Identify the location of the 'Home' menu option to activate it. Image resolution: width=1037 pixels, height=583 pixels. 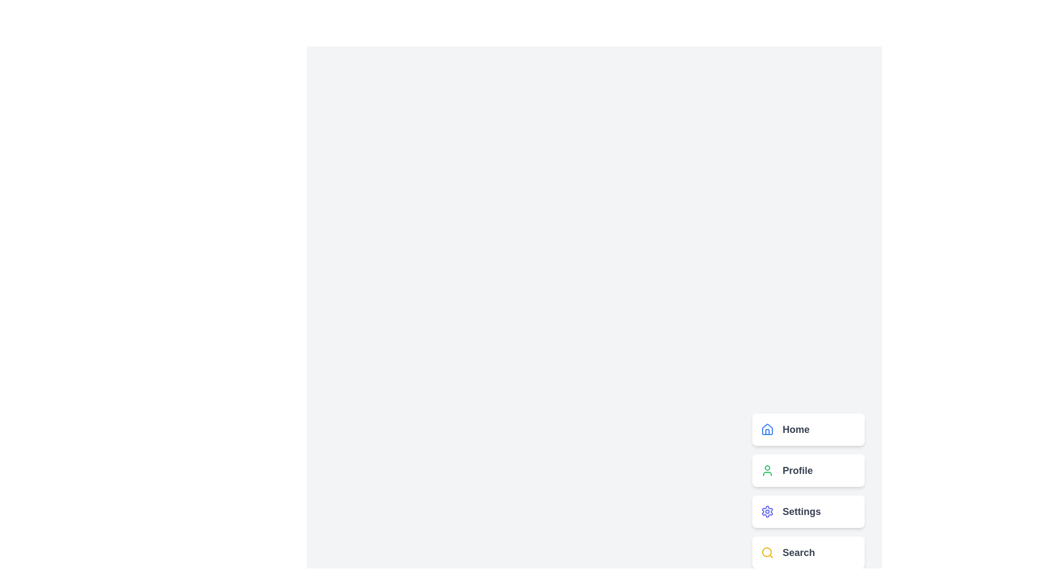
(809, 429).